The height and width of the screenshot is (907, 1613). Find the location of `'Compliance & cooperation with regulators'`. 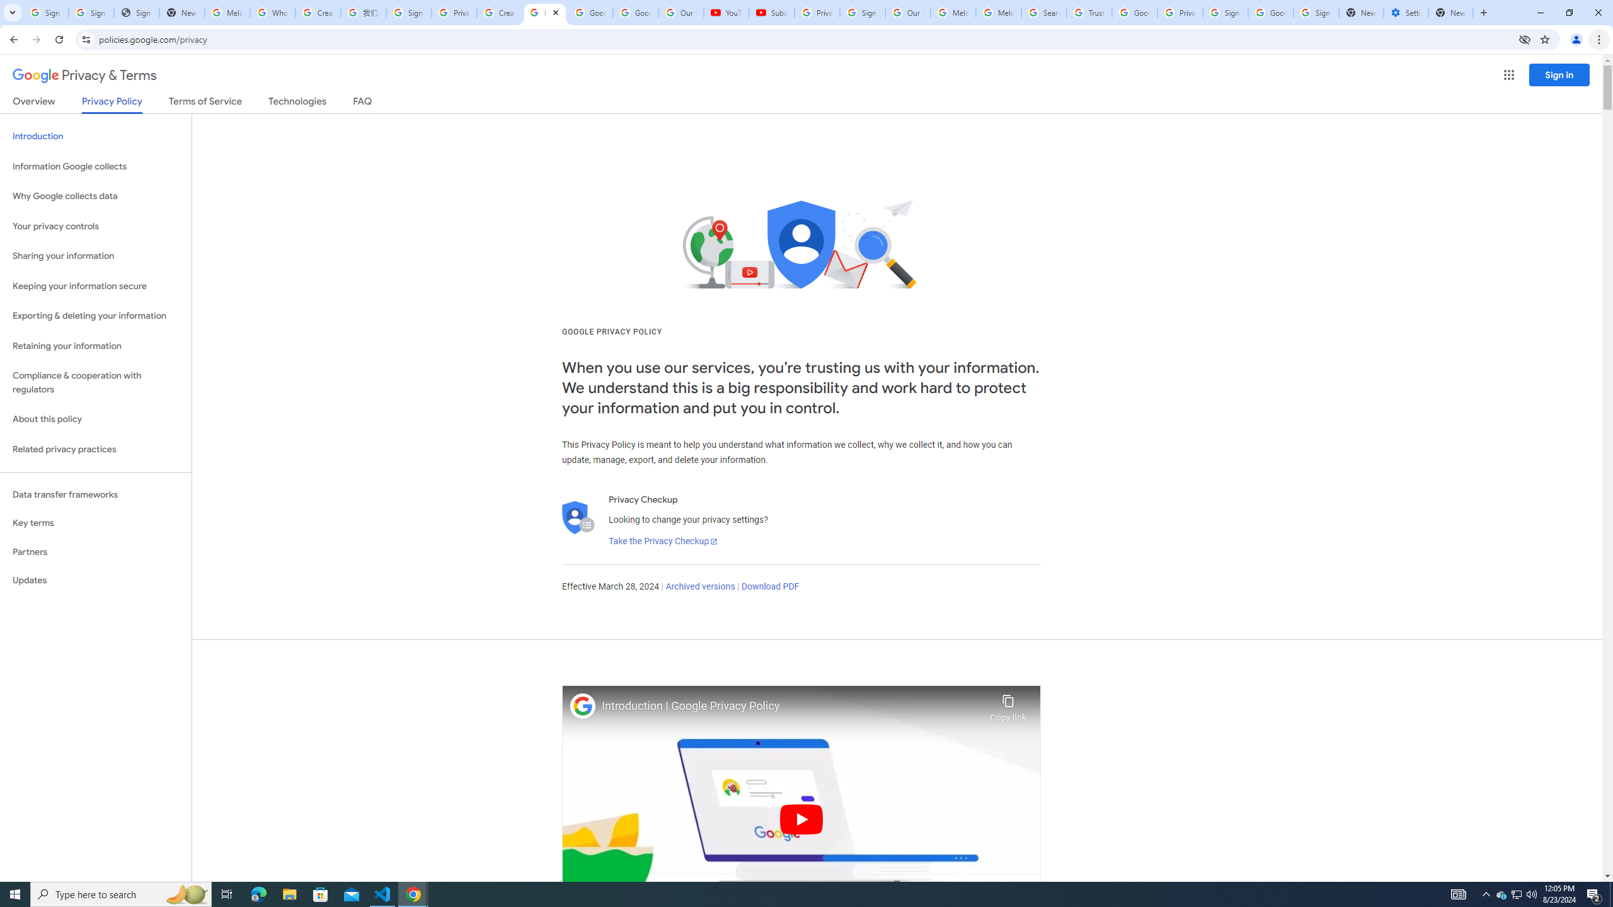

'Compliance & cooperation with regulators' is located at coordinates (95, 383).